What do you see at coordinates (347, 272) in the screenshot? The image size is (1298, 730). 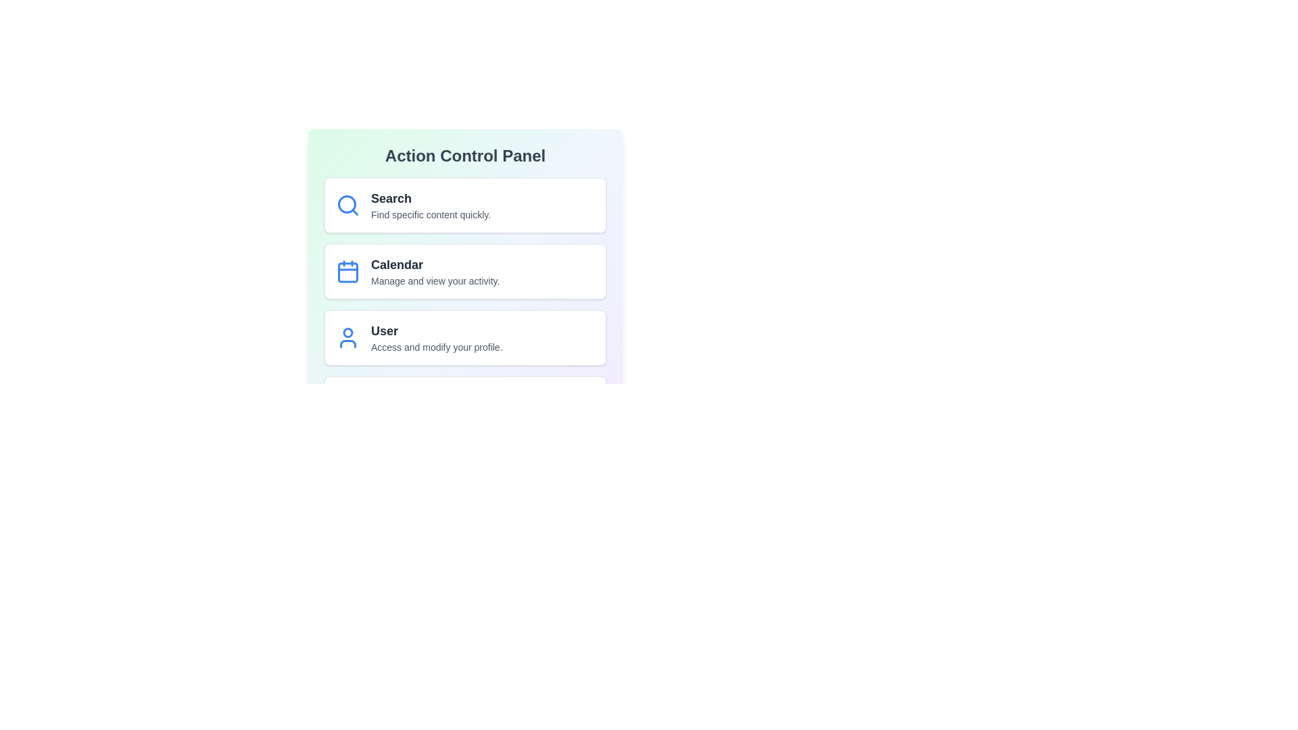 I see `the rectangular-shaped region within the calendar icon located in the Action Control Panel` at bounding box center [347, 272].